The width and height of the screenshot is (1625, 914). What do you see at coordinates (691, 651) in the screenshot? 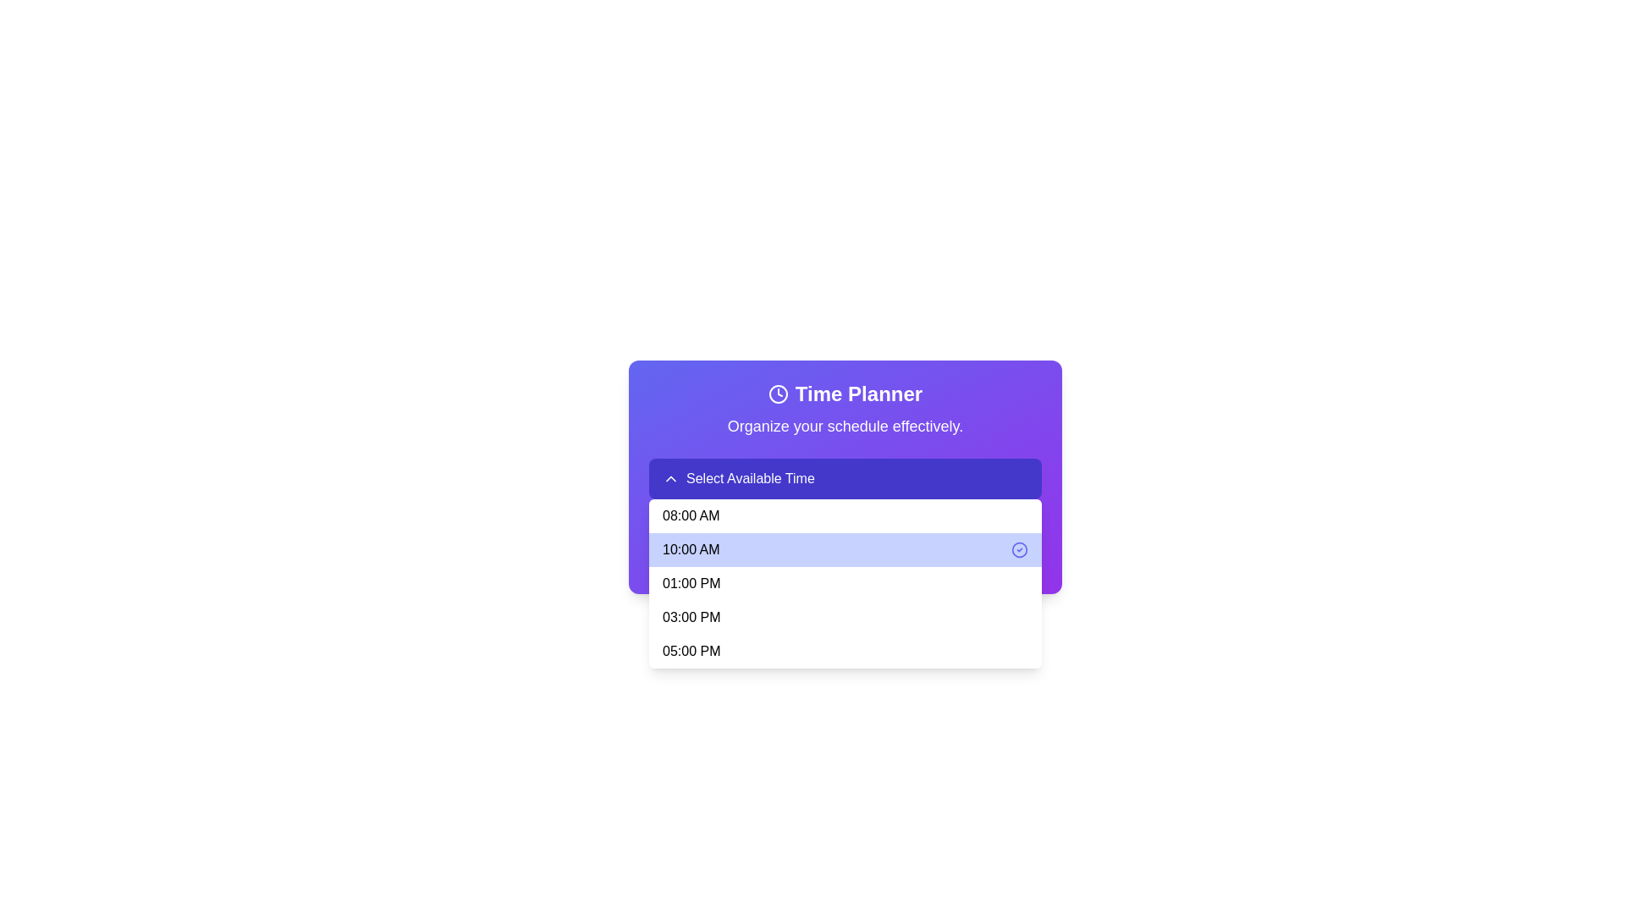
I see `the '05:00 PM' time option in the dropdown menu list, which is the last selectable item in the time-selection interface` at bounding box center [691, 651].